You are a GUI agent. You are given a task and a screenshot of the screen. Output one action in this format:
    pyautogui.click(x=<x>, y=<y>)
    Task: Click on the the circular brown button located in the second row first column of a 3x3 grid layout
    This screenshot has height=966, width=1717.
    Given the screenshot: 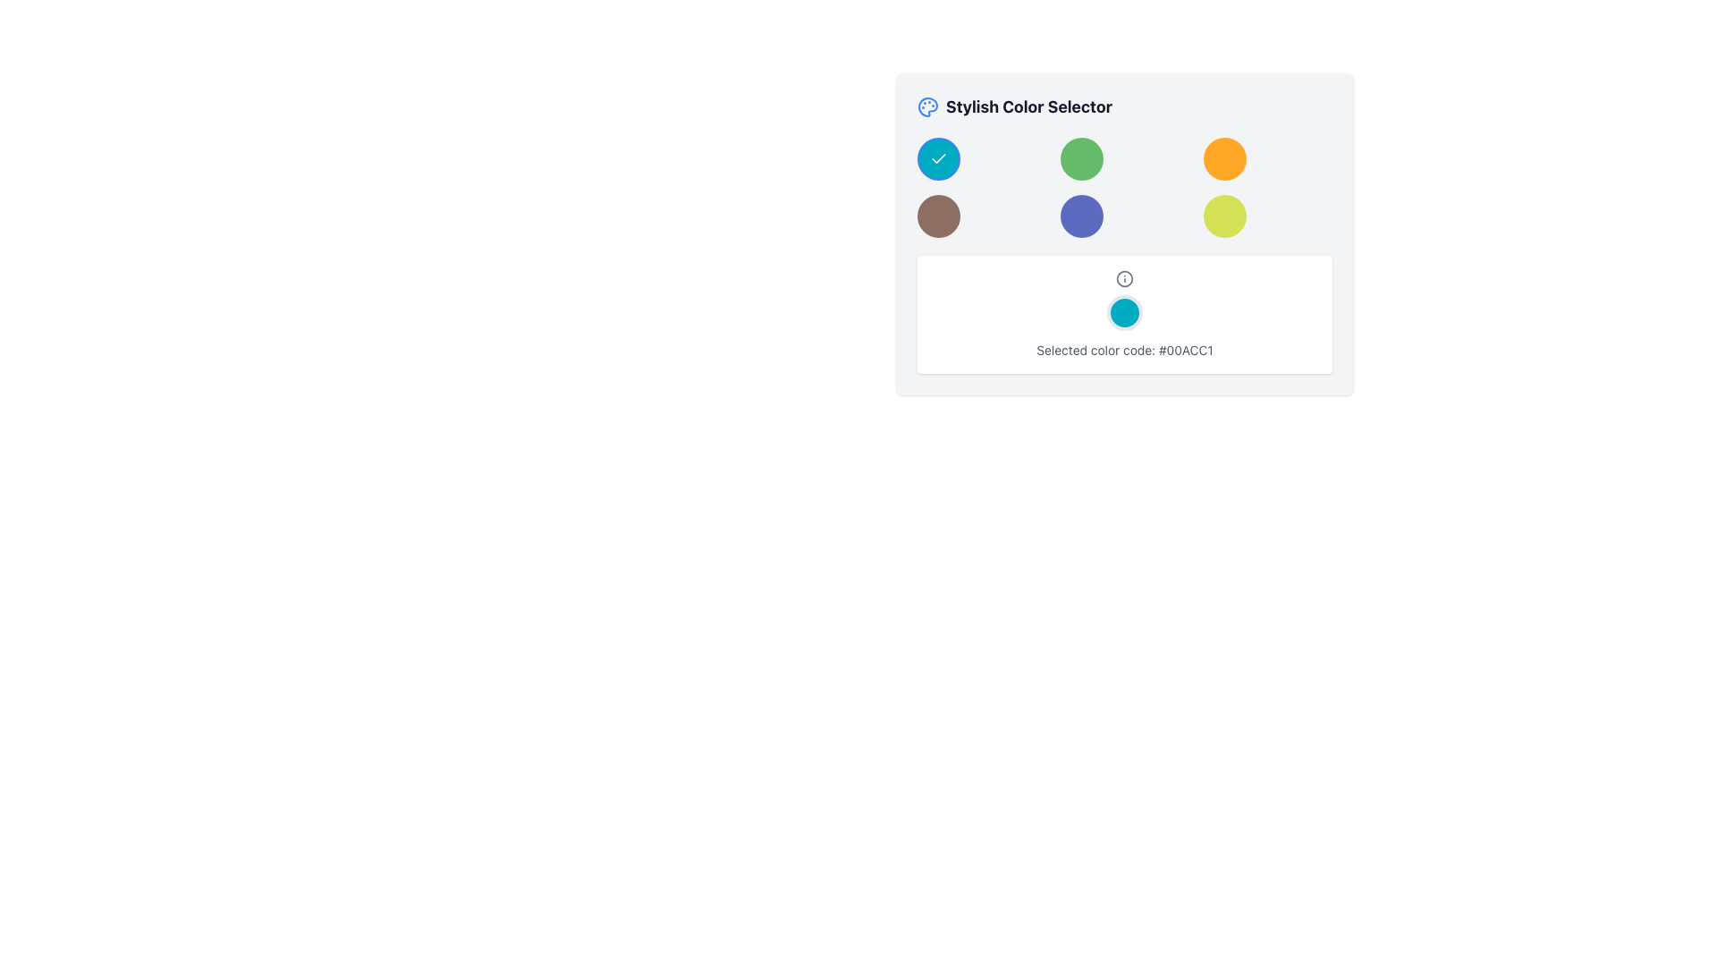 What is the action you would take?
    pyautogui.click(x=938, y=216)
    